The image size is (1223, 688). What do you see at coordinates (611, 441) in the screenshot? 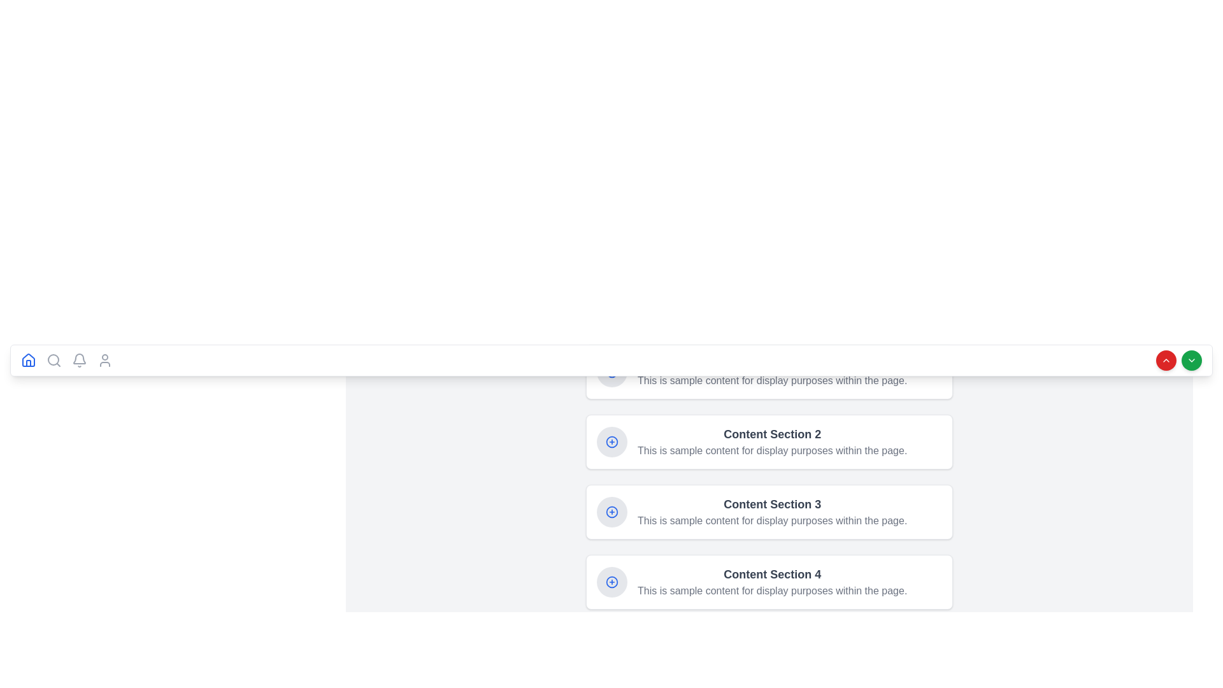
I see `the circular gray button with a blue plus icon located on the left side of 'Content Section 2'` at bounding box center [611, 441].